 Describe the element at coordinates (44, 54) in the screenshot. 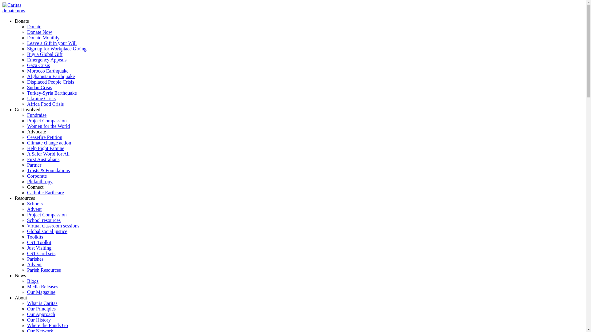

I see `'Buy a Global Gift'` at that location.